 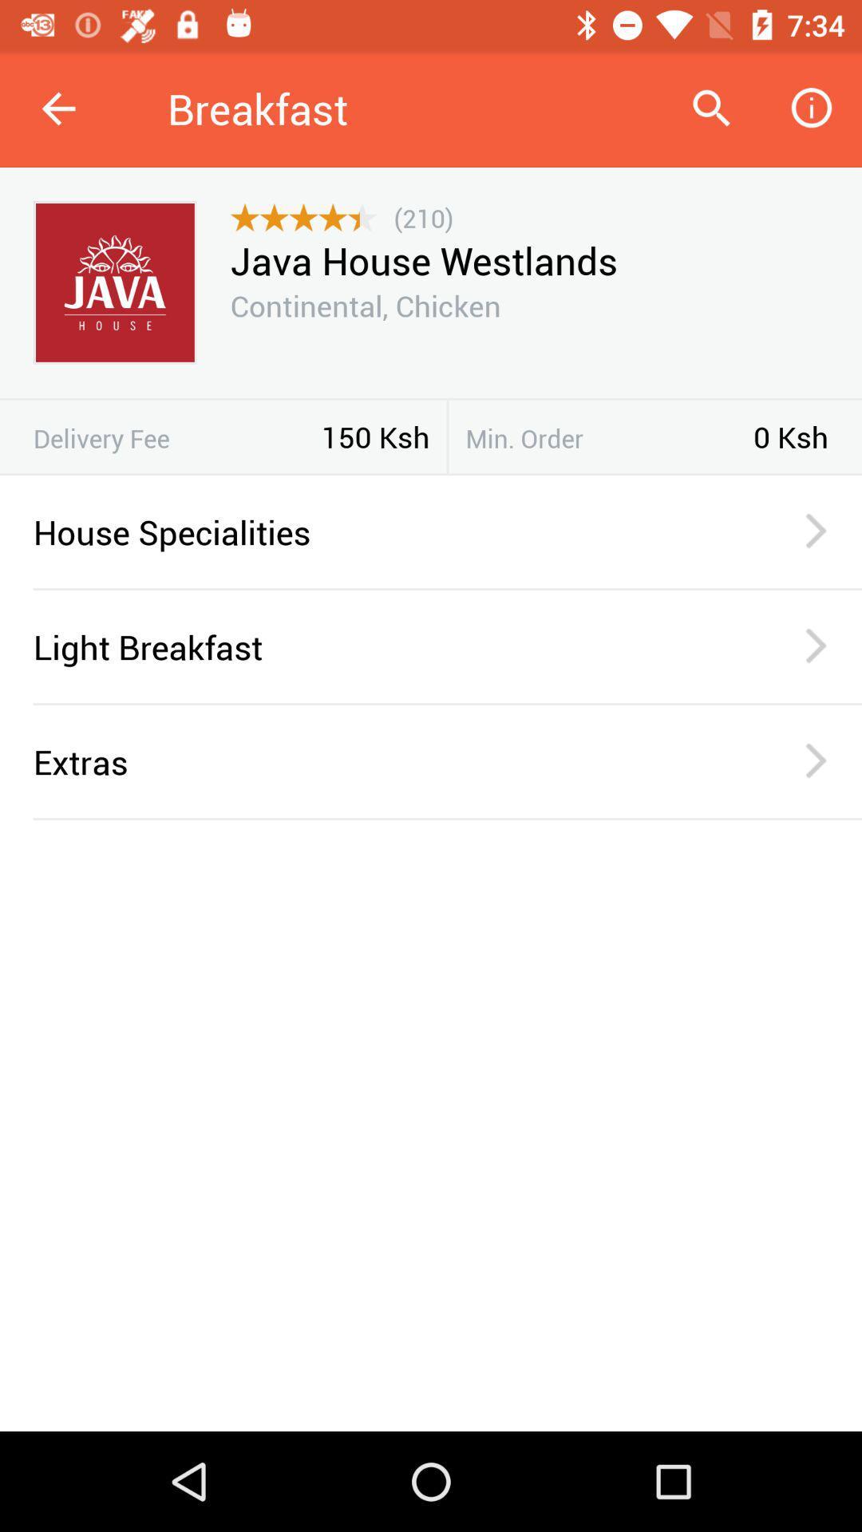 I want to click on the delivery fee, so click(x=177, y=438).